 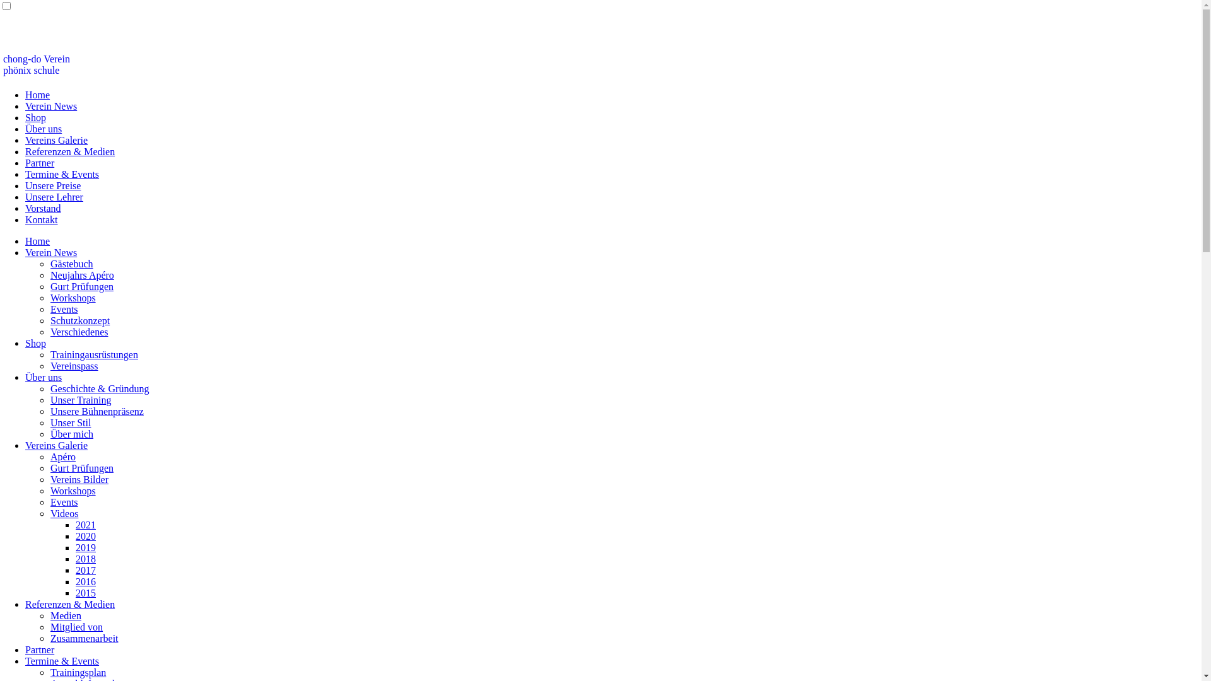 I want to click on 'Unsere Lehrer', so click(x=54, y=197).